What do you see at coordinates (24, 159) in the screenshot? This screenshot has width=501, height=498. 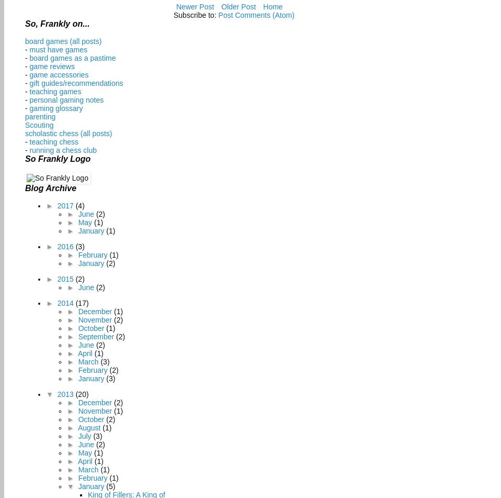 I see `'So Frankly Logo'` at bounding box center [24, 159].